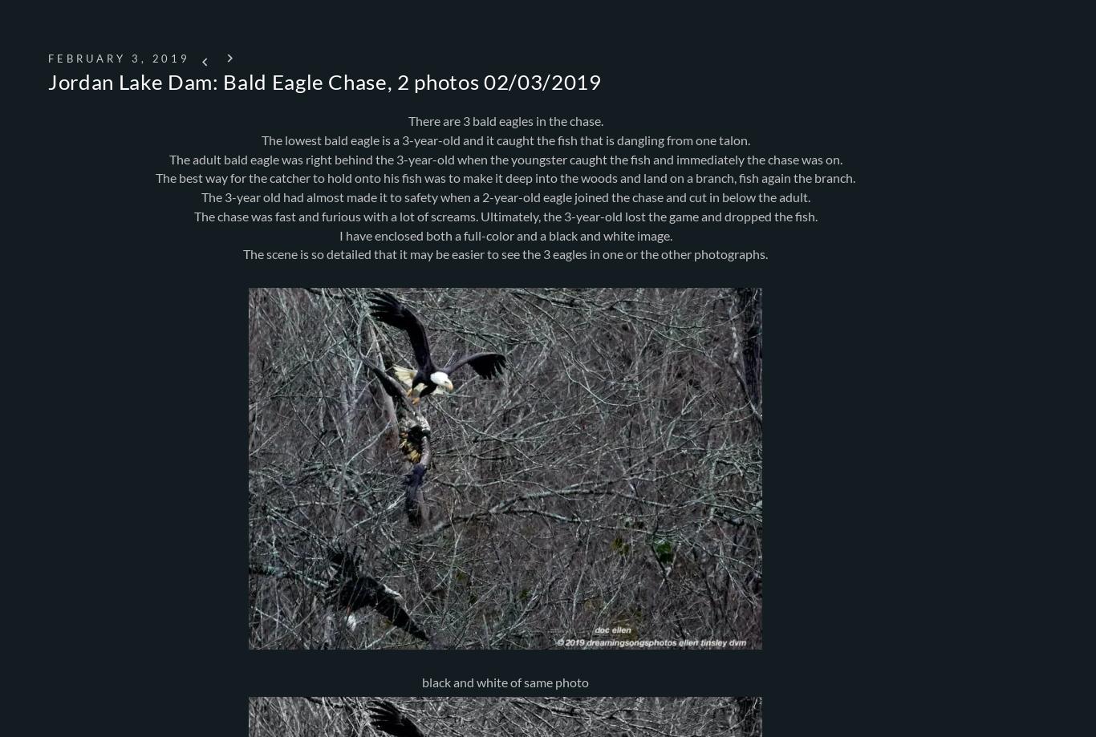 This screenshot has height=737, width=1096. What do you see at coordinates (504, 233) in the screenshot?
I see `'I have enclosed both a full-color and a black and white image.'` at bounding box center [504, 233].